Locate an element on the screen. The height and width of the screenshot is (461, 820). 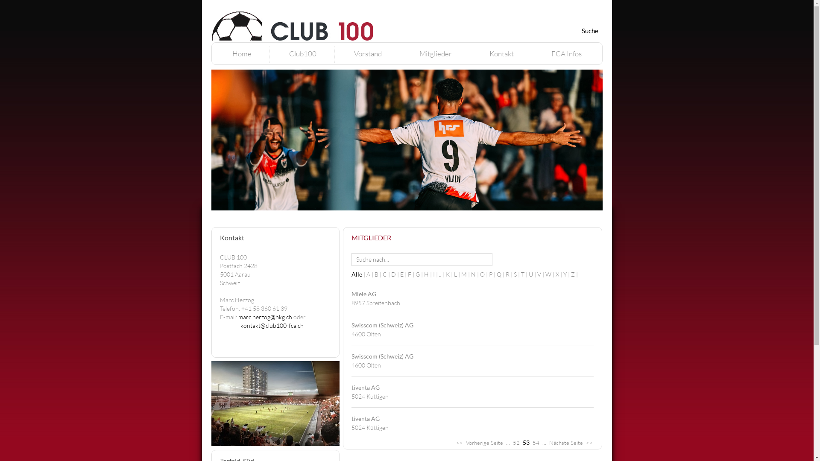
'Y' is located at coordinates (563, 274).